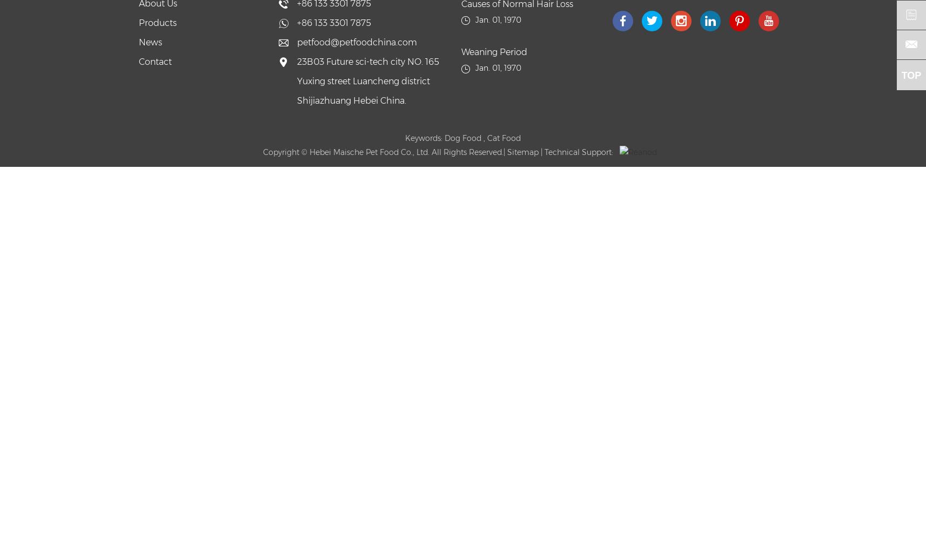 The width and height of the screenshot is (926, 540). I want to click on '| Technical Support:', so click(579, 152).